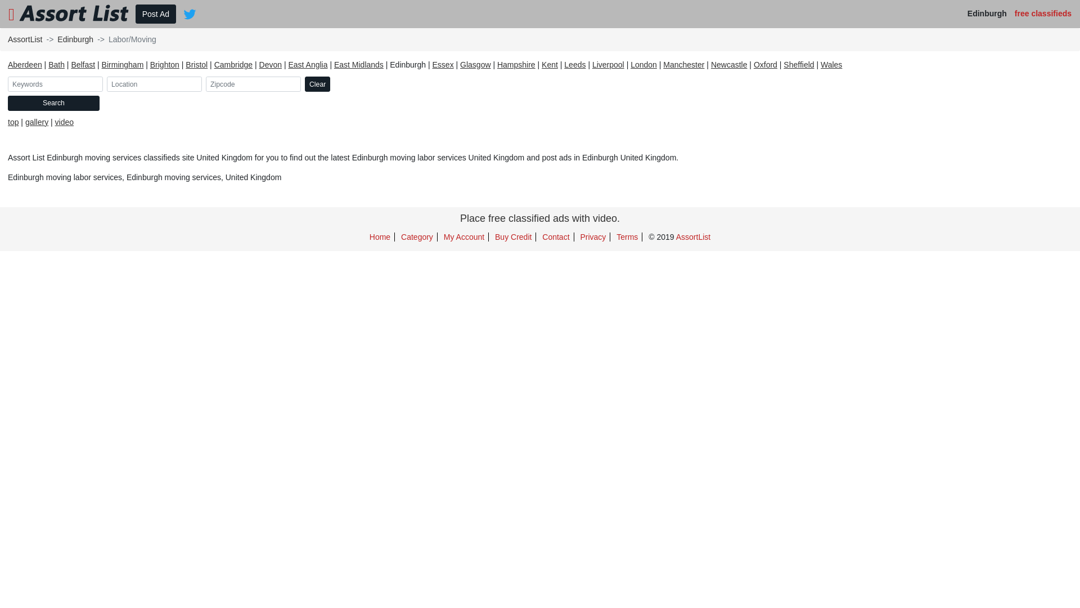 This screenshot has height=608, width=1080. I want to click on 'Belfast', so click(82, 65).